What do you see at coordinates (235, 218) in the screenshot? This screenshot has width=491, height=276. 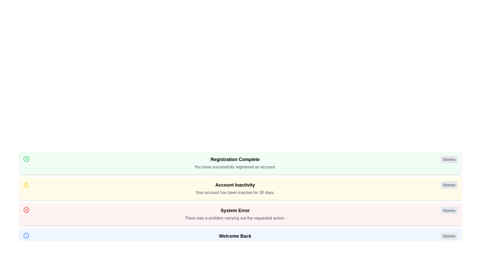 I see `text displayed in the Text Label located under the 'System Error' heading, centered horizontally within the third notification box` at bounding box center [235, 218].